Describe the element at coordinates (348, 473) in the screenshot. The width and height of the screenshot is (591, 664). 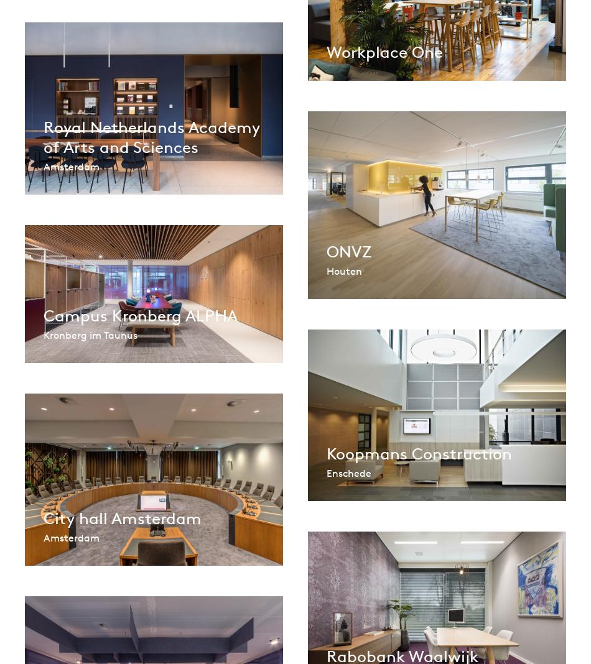
I see `'Enschede'` at that location.